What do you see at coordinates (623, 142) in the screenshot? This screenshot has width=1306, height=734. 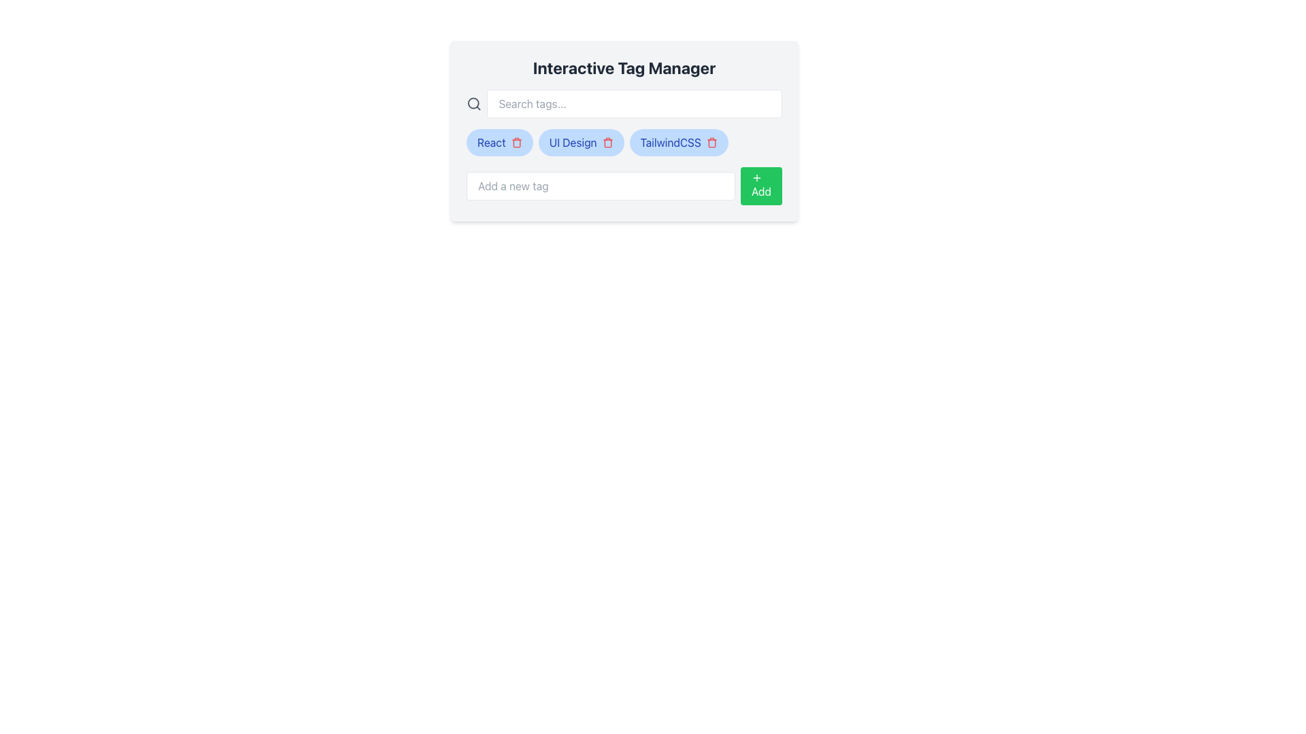 I see `the tag group display containing the tags 'React', 'UI Design', and 'TailwindCSS'` at bounding box center [623, 142].